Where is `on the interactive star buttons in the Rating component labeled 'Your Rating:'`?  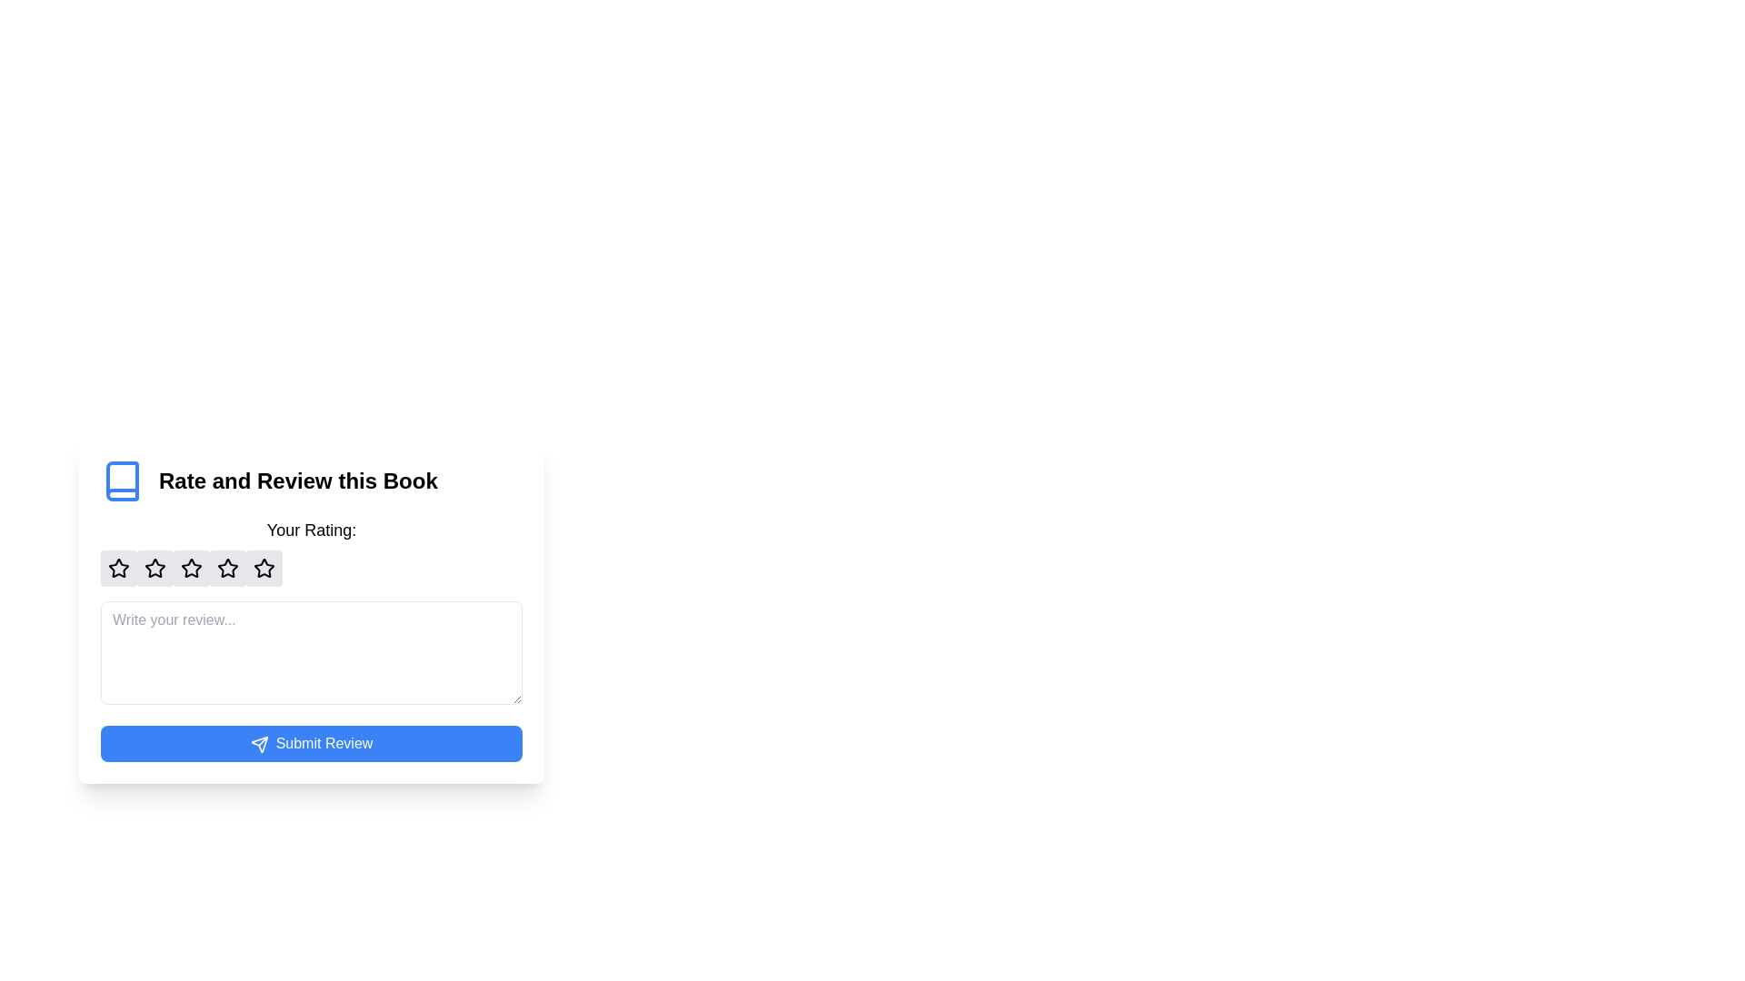 on the interactive star buttons in the Rating component labeled 'Your Rating:' is located at coordinates (311, 551).